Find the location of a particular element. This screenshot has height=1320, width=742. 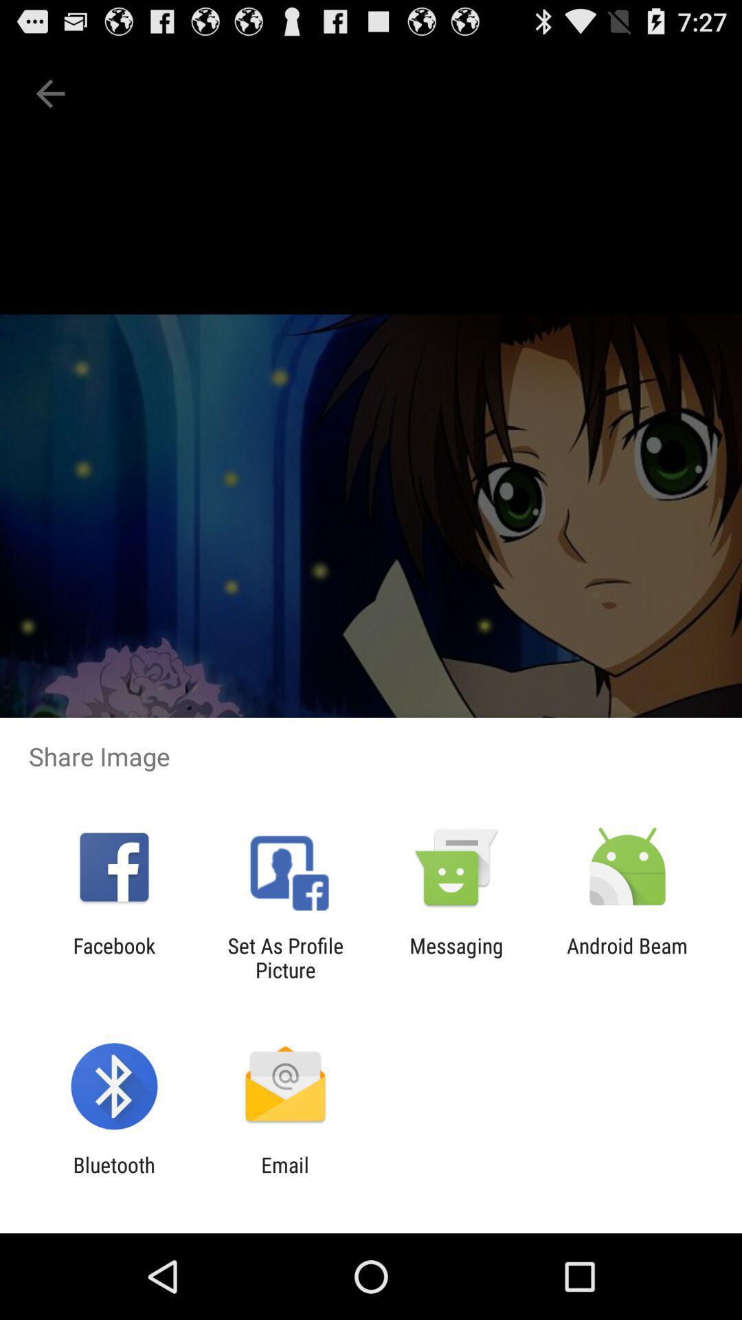

app to the right of the set as profile icon is located at coordinates (456, 957).